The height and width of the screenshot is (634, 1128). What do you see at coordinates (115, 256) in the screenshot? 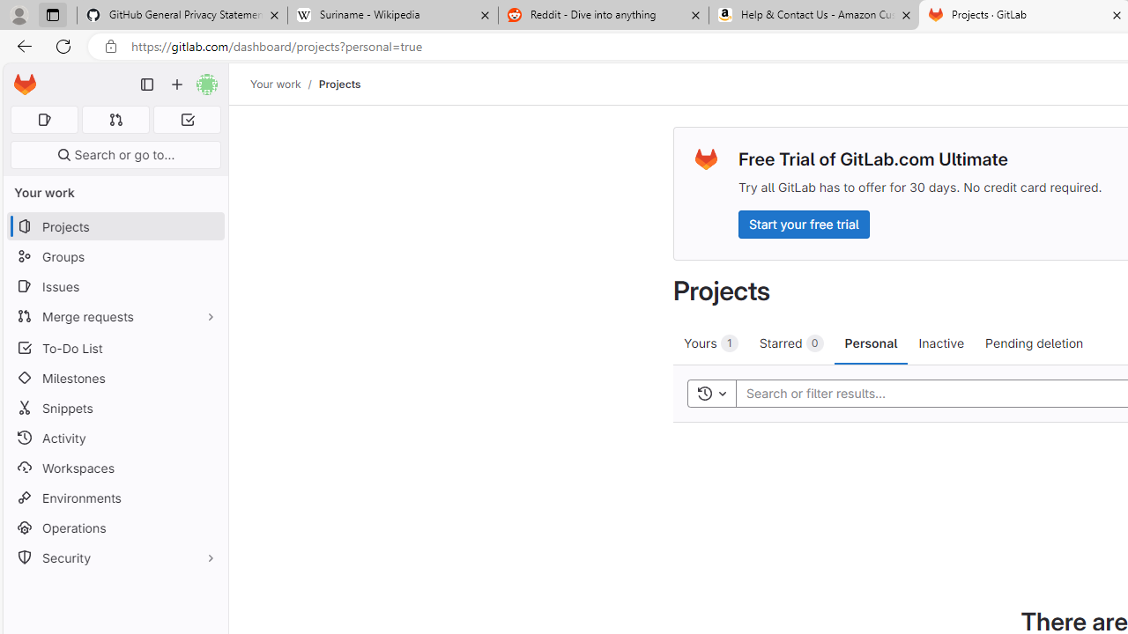
I see `'Groups'` at bounding box center [115, 256].